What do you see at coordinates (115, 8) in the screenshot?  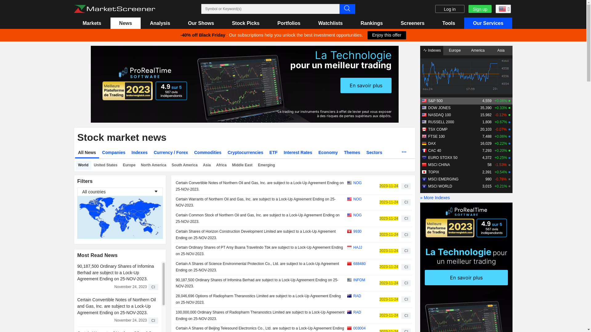 I see `'Marketscreener : stock market and financial news'` at bounding box center [115, 8].